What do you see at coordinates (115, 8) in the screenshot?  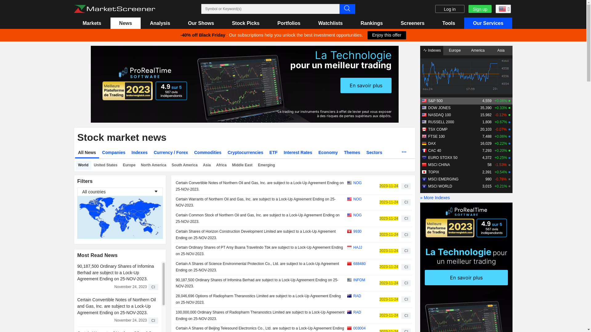 I see `'Marketscreener : stock market and financial news'` at bounding box center [115, 8].